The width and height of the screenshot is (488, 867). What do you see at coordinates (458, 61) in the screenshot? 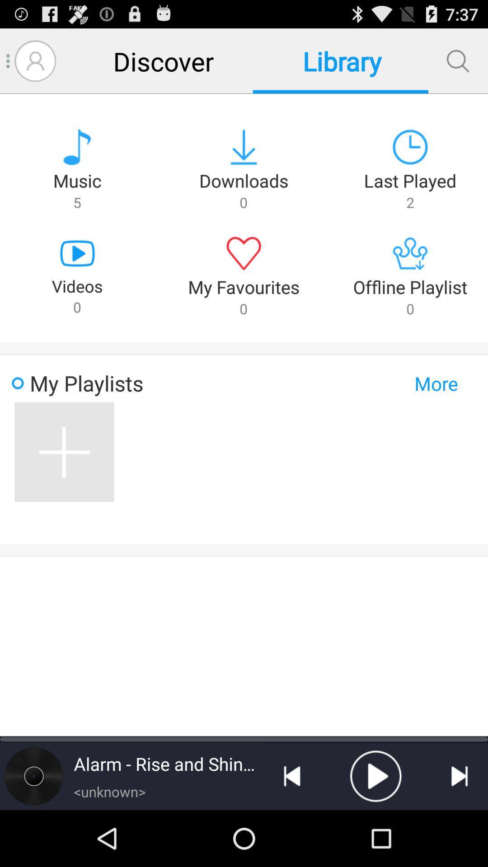
I see `the app to the right of the library icon` at bounding box center [458, 61].